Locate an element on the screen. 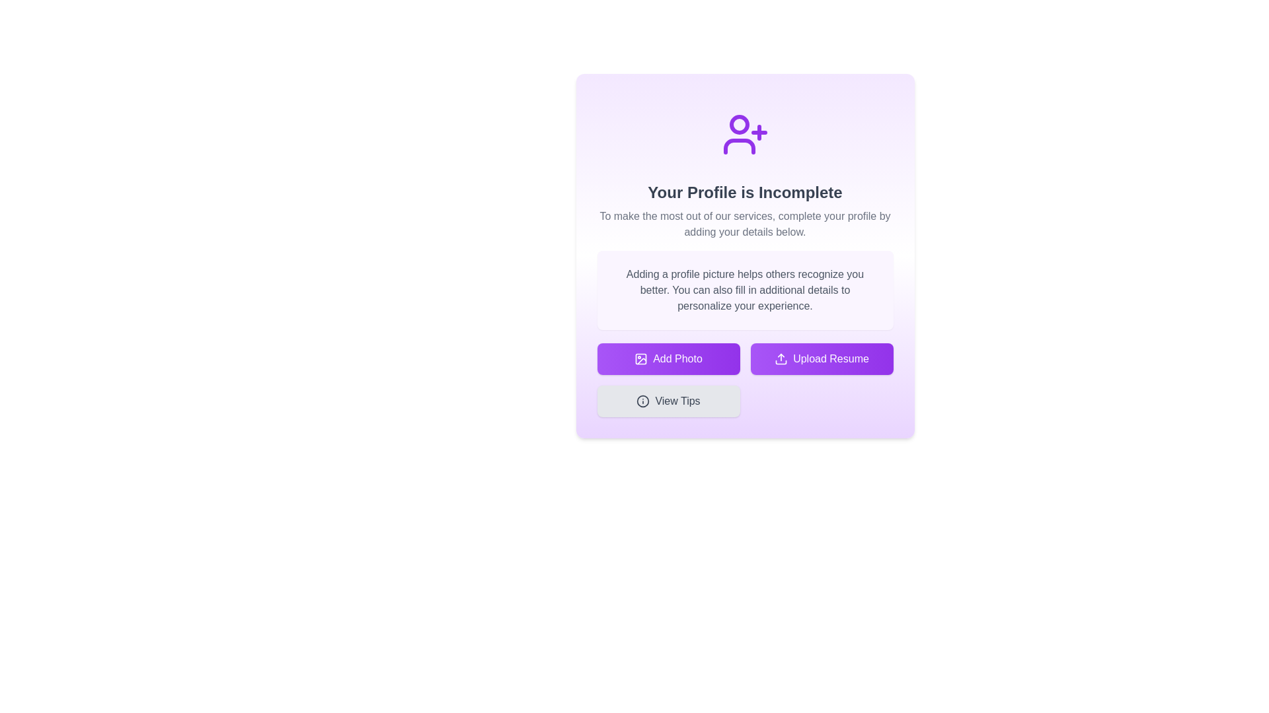 The height and width of the screenshot is (713, 1269). the text block that conveys information about the benefits of adding a profile picture, located beneath the header 'Your Profile is Incomplete' and above the 'Add Photo' and 'Upload Resume' buttons is located at coordinates (745, 289).